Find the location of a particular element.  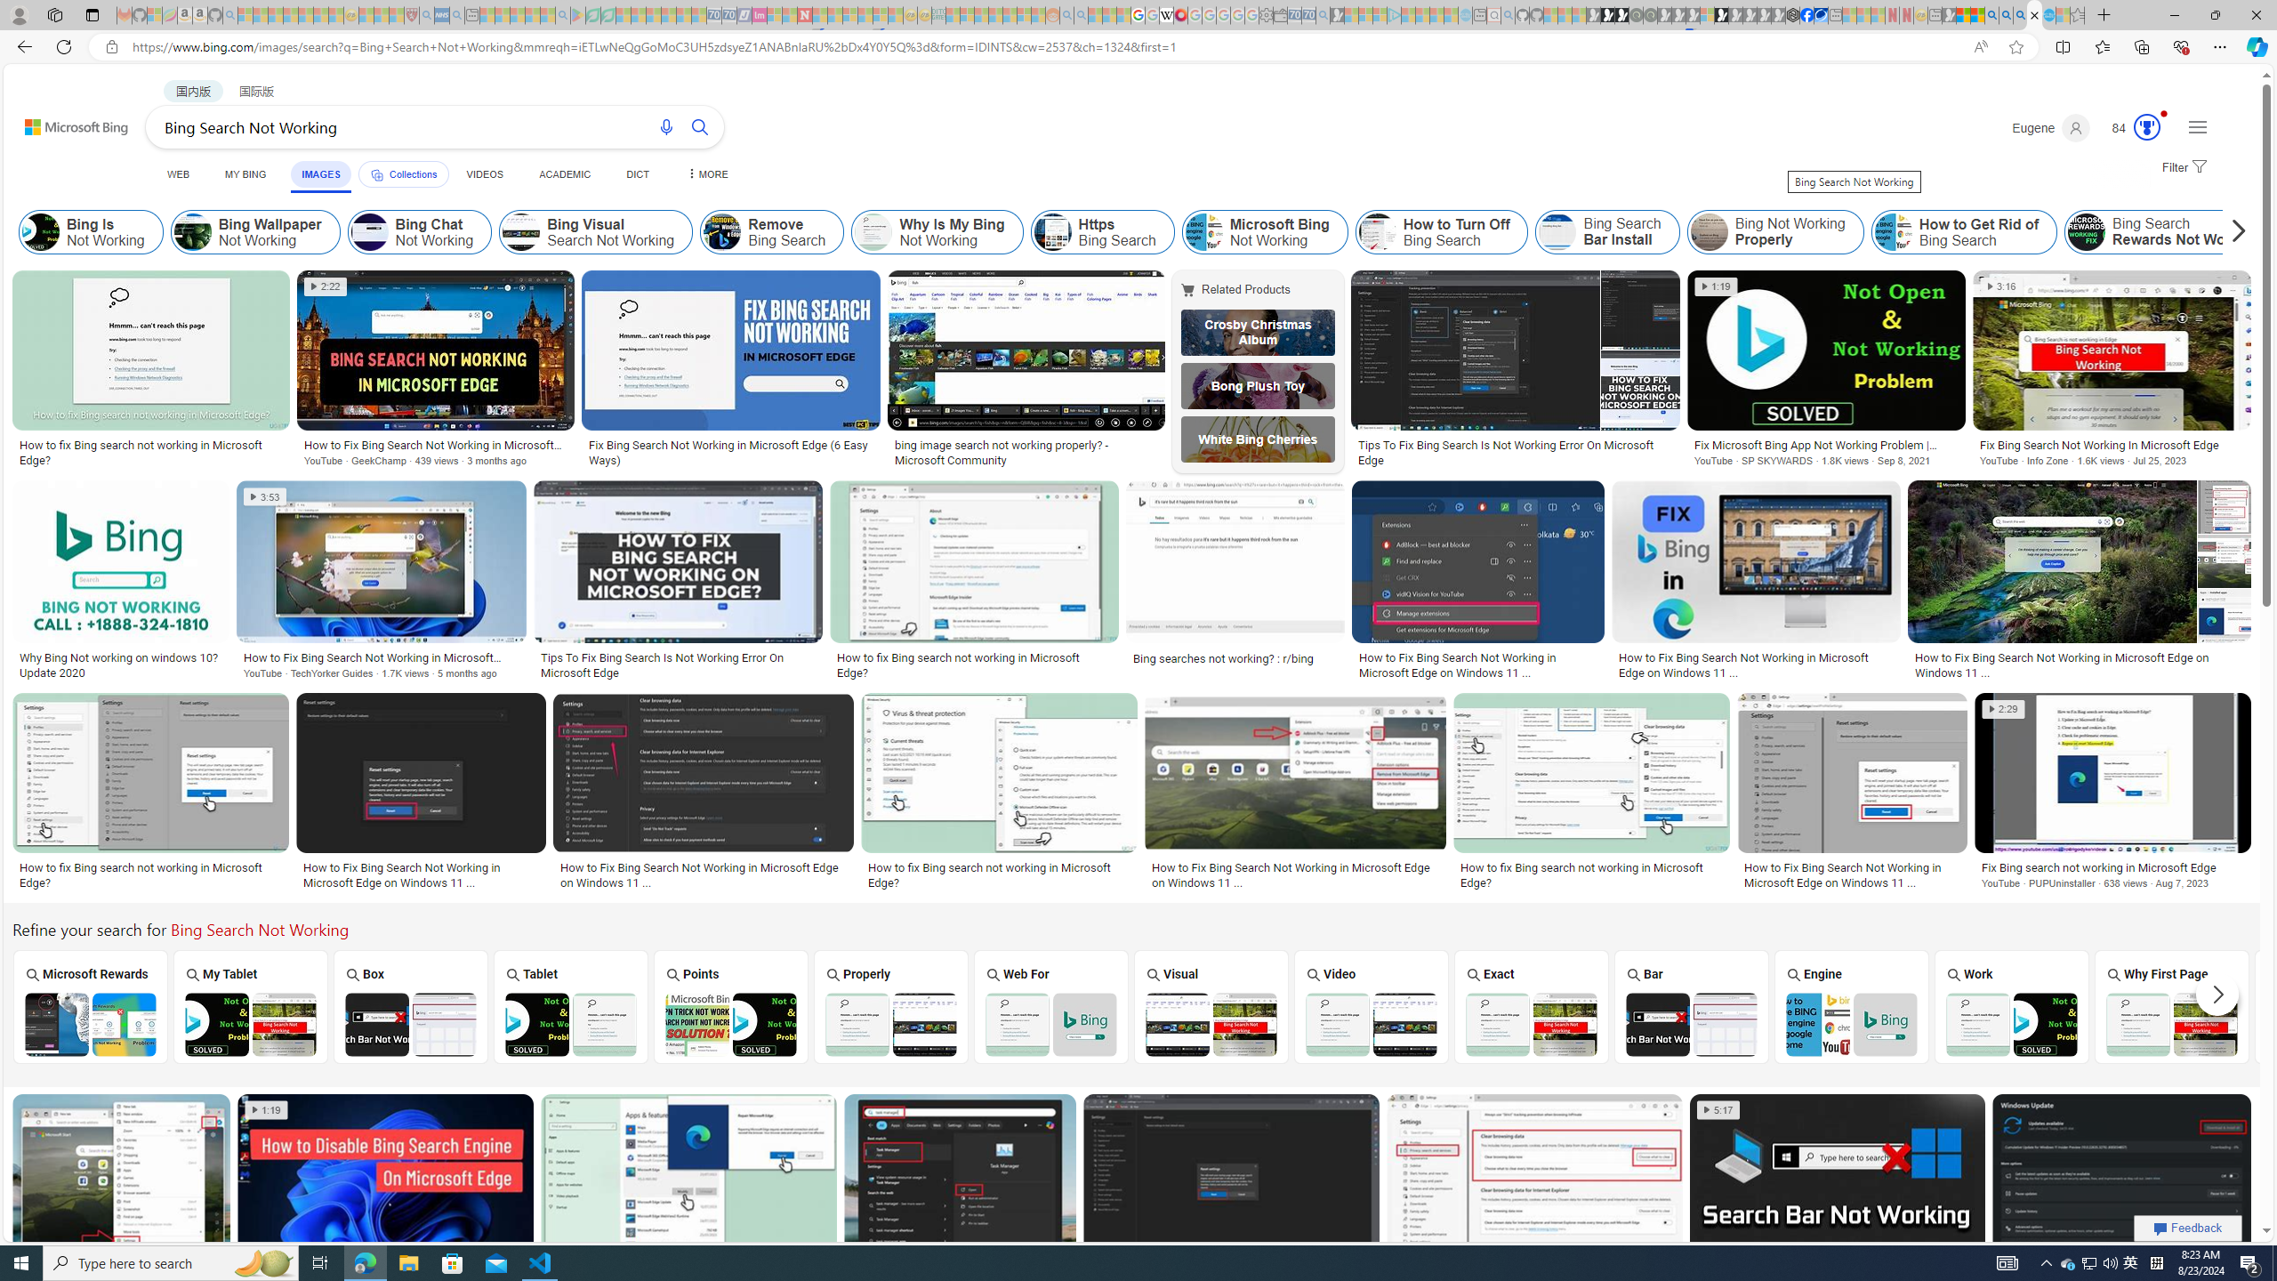

'Bing Wallpaper Not Working' is located at coordinates (253, 231).